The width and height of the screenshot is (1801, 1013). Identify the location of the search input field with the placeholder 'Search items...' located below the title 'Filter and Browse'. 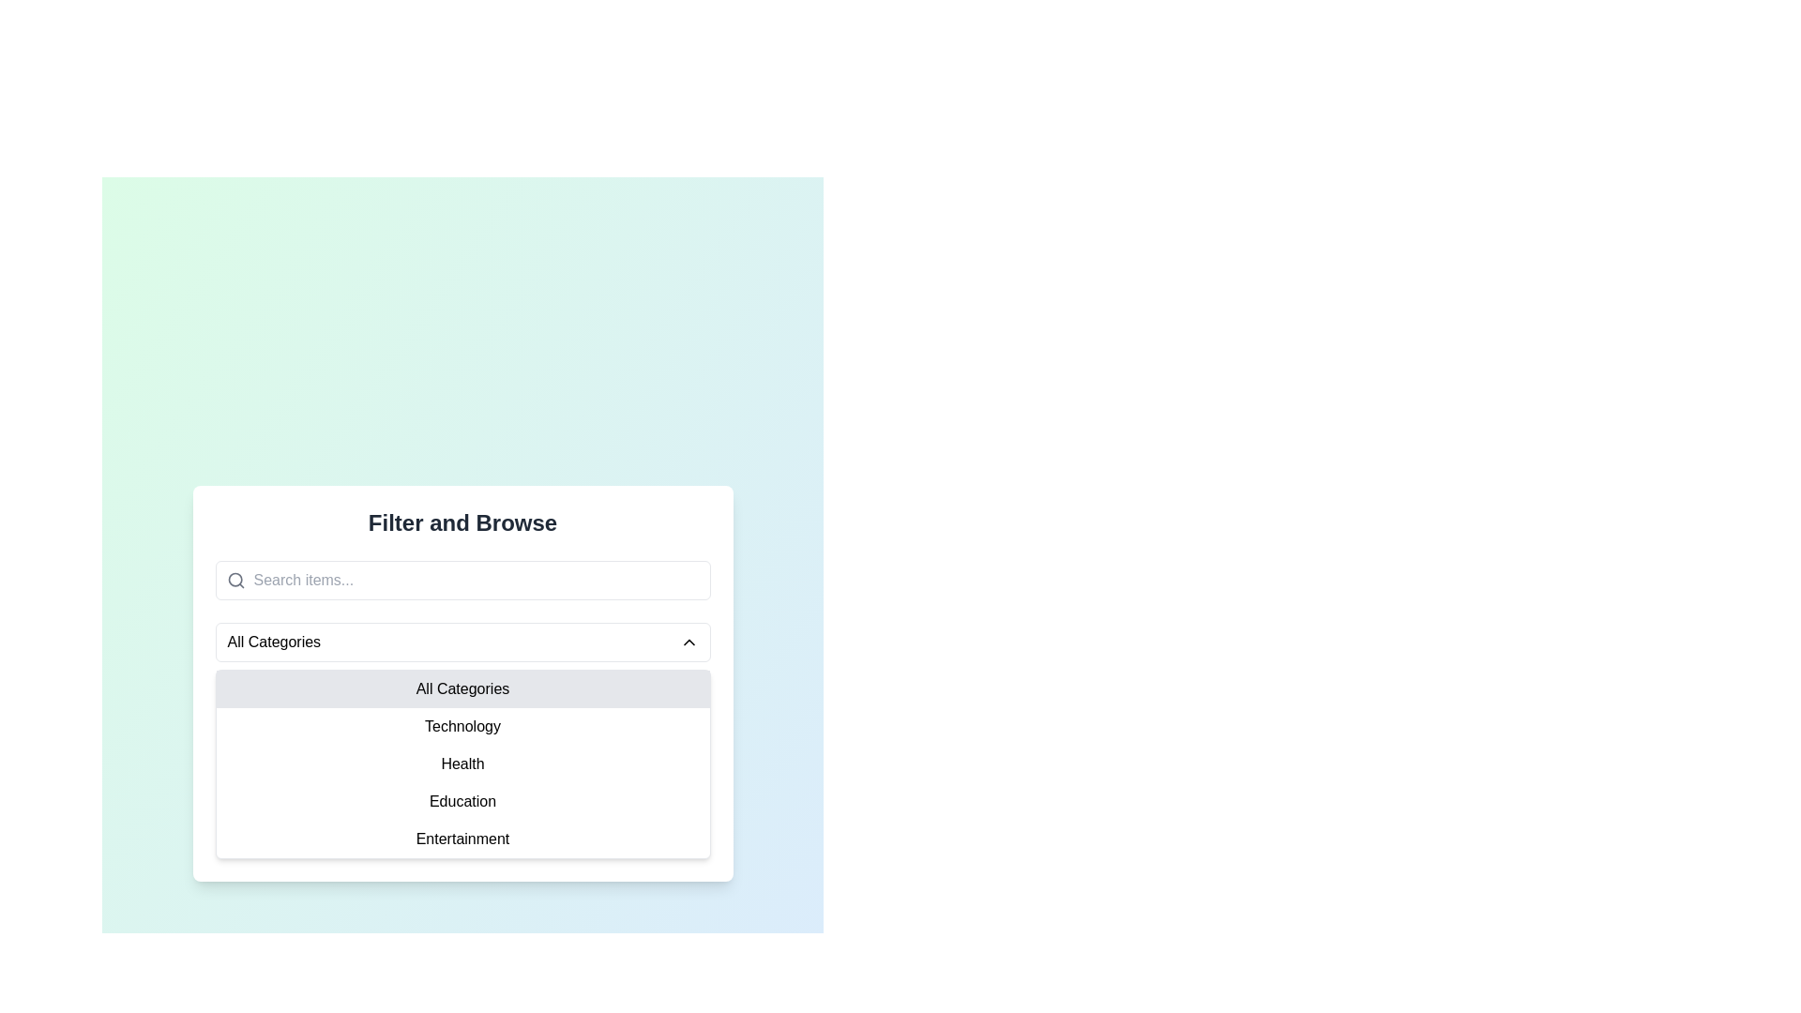
(462, 579).